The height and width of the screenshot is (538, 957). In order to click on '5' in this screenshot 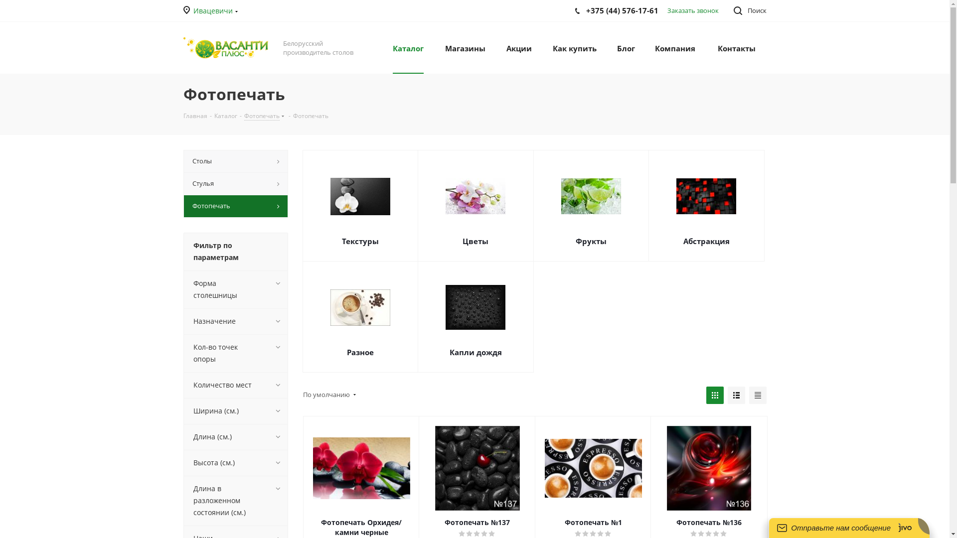, I will do `click(724, 534)`.